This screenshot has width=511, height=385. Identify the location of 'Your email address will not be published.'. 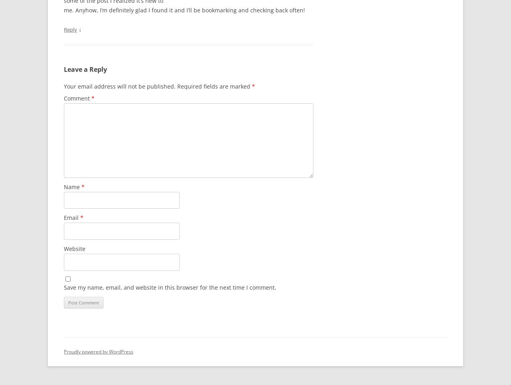
(119, 86).